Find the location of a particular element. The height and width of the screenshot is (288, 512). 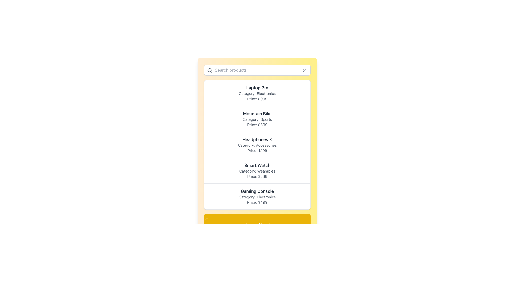

the Display card containing 'Headphones X', which is the third item in a vertically stacked list is located at coordinates (257, 145).